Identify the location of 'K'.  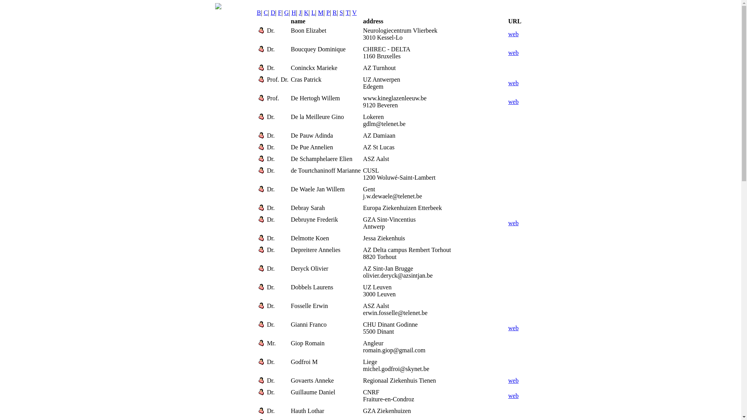
(306, 12).